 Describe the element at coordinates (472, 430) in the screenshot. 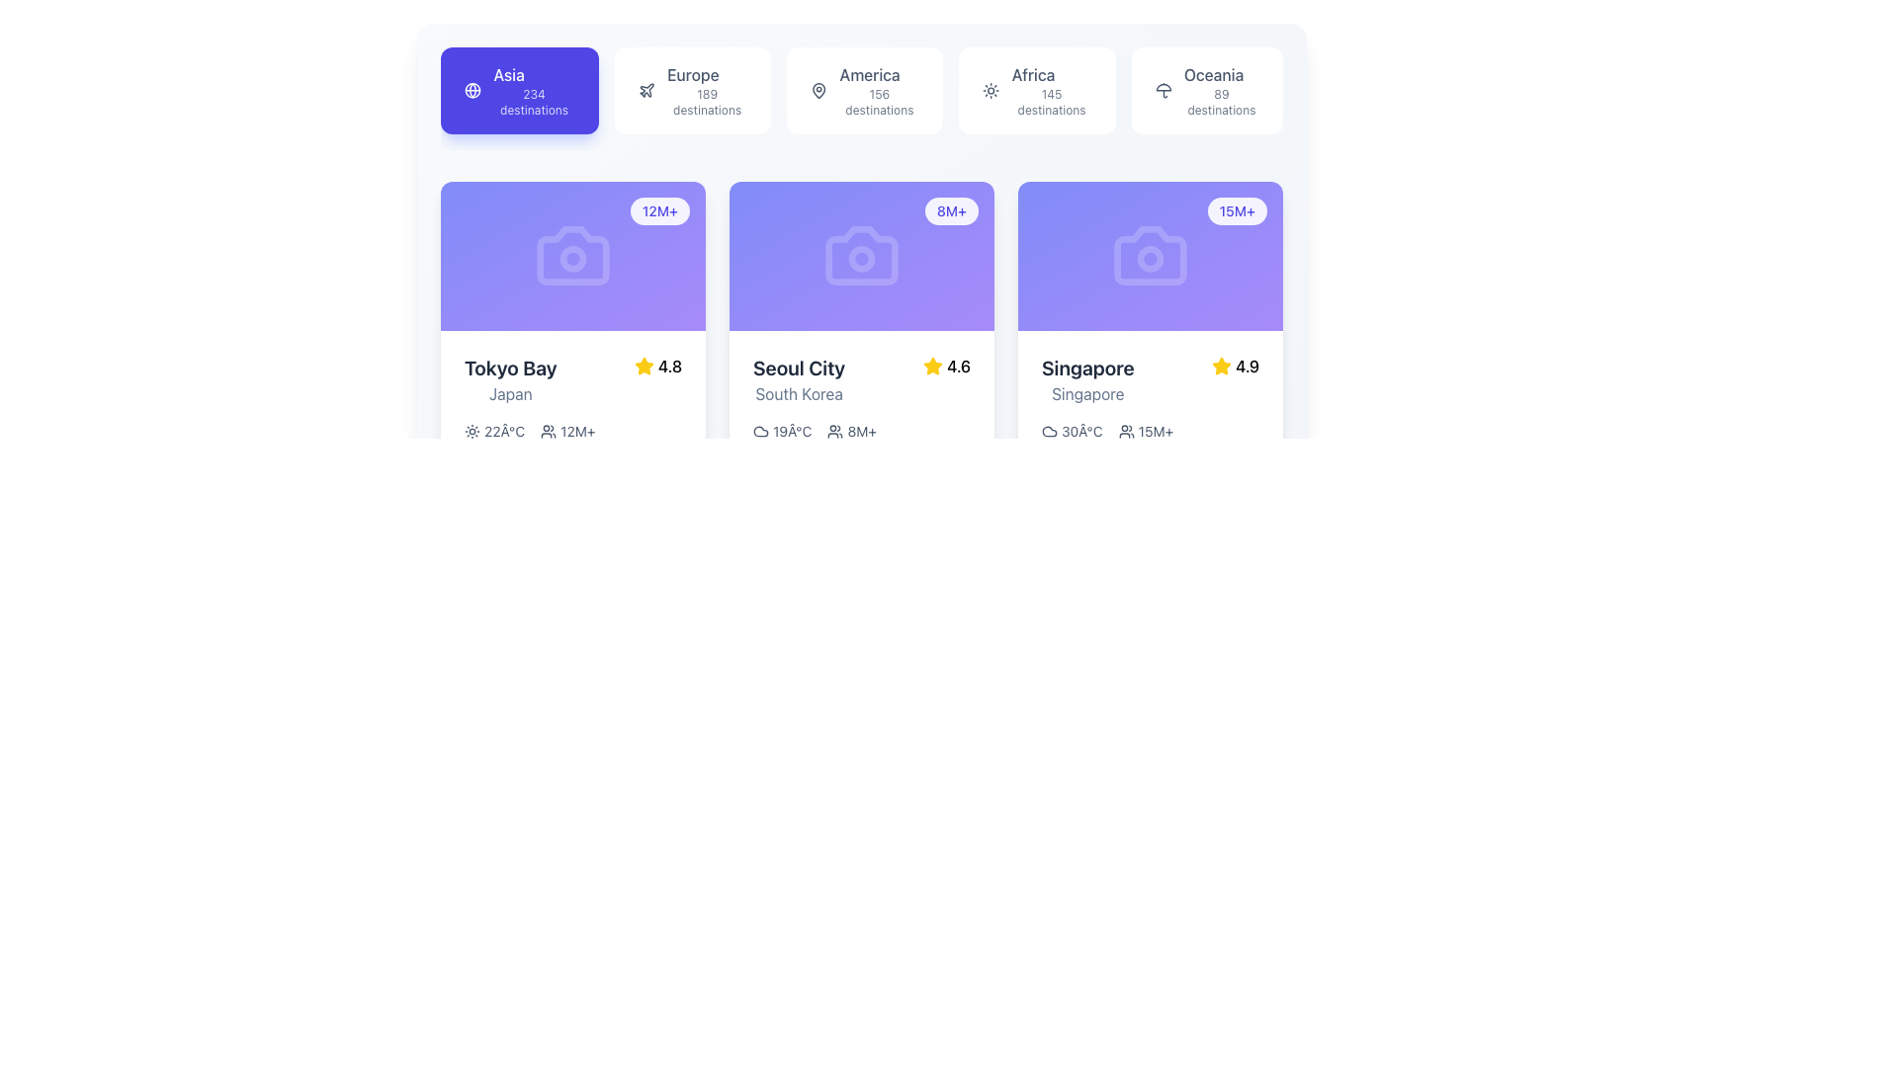

I see `the sunny weather icon located to the left of the temperature text ('22°C') within the Tokyo Bay card in the weather information group` at that location.